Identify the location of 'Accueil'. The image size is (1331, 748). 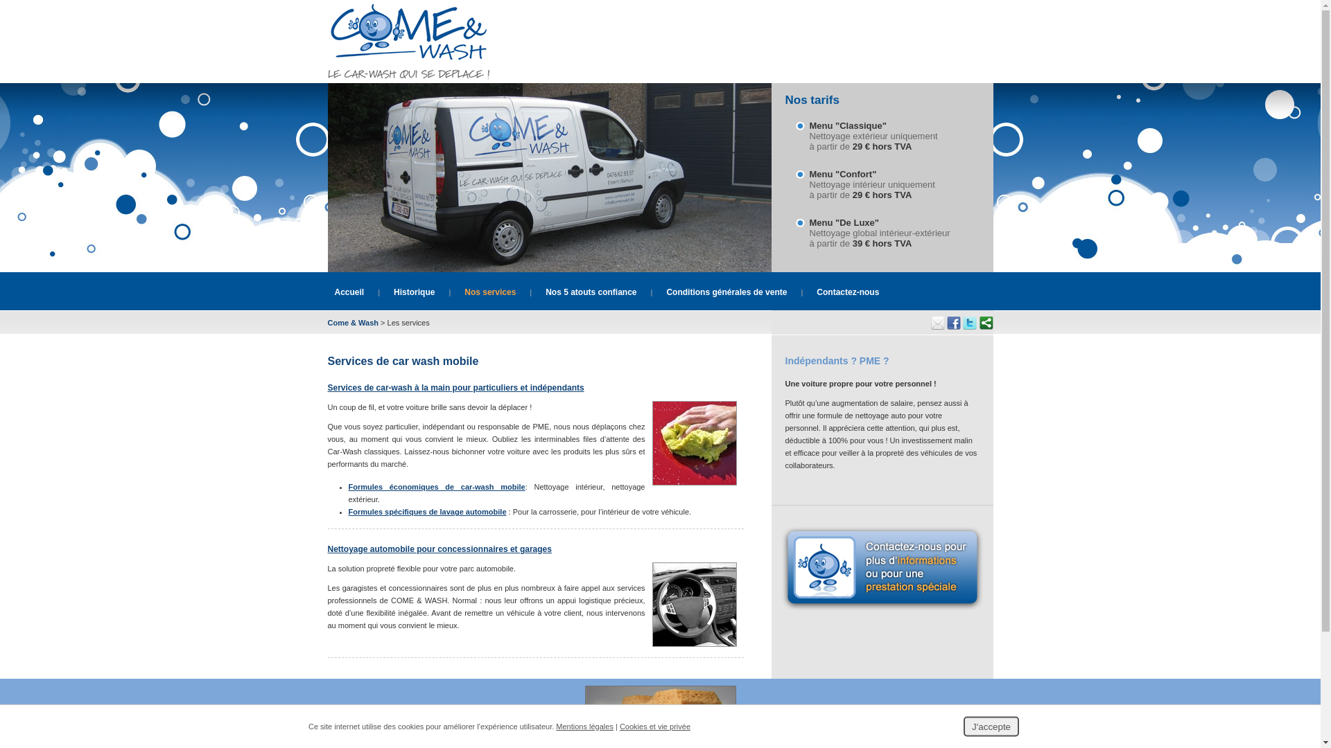
(349, 291).